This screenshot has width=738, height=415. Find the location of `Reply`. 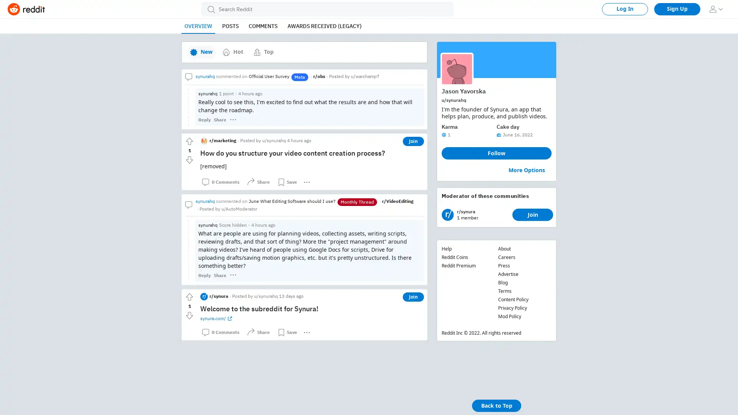

Reply is located at coordinates (204, 275).